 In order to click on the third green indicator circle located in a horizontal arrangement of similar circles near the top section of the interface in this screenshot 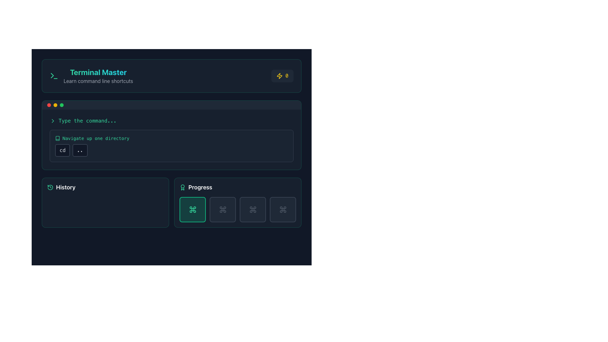, I will do `click(62, 104)`.